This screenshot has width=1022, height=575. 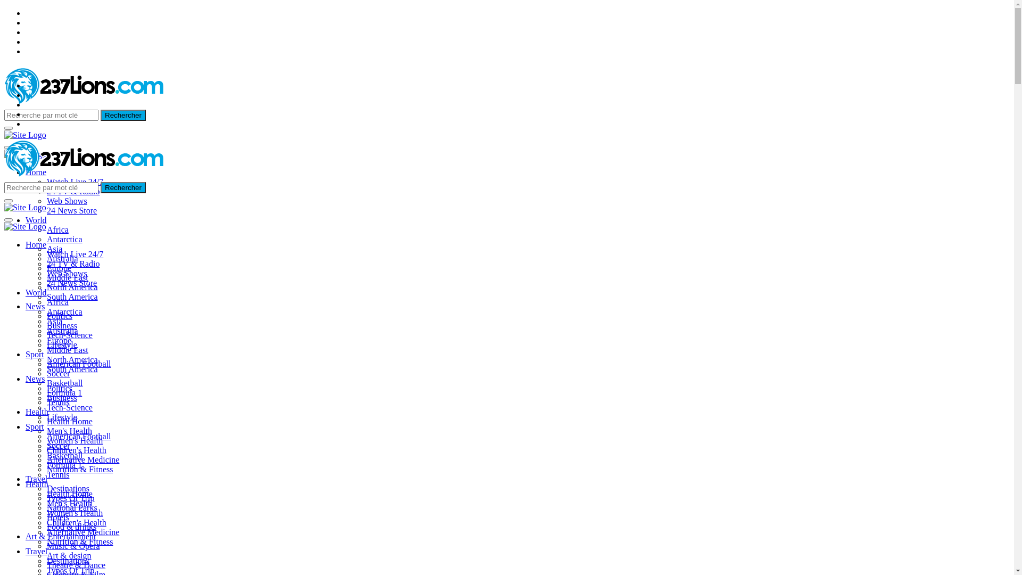 I want to click on 'Middle East', so click(x=46, y=277).